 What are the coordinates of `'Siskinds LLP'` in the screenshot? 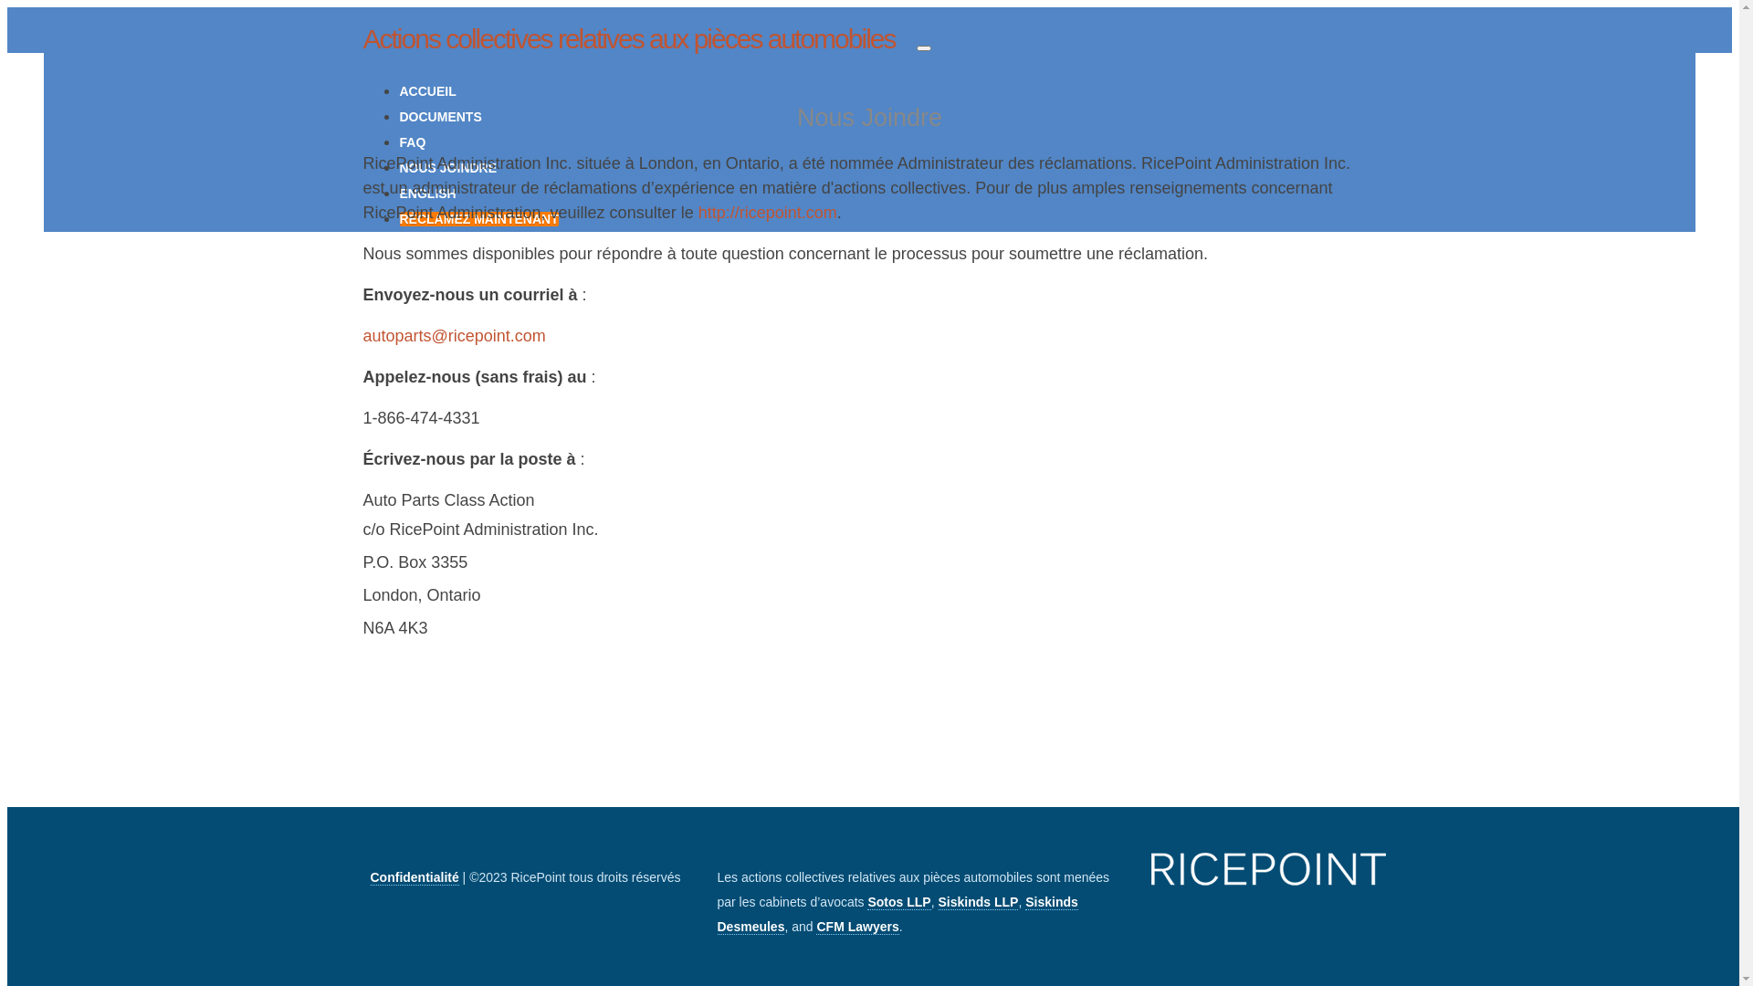 It's located at (977, 901).